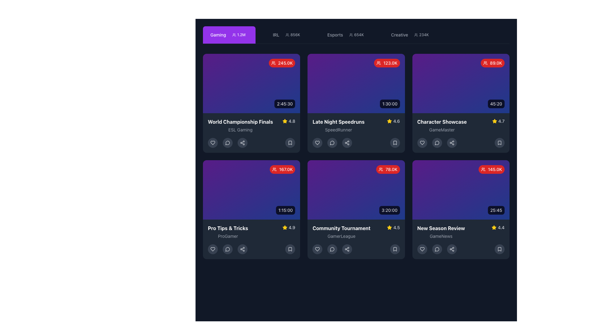 Image resolution: width=594 pixels, height=334 pixels. What do you see at coordinates (356, 132) in the screenshot?
I see `the Content card summarizing streaming content, located in the first row and second column of the grid layout` at bounding box center [356, 132].